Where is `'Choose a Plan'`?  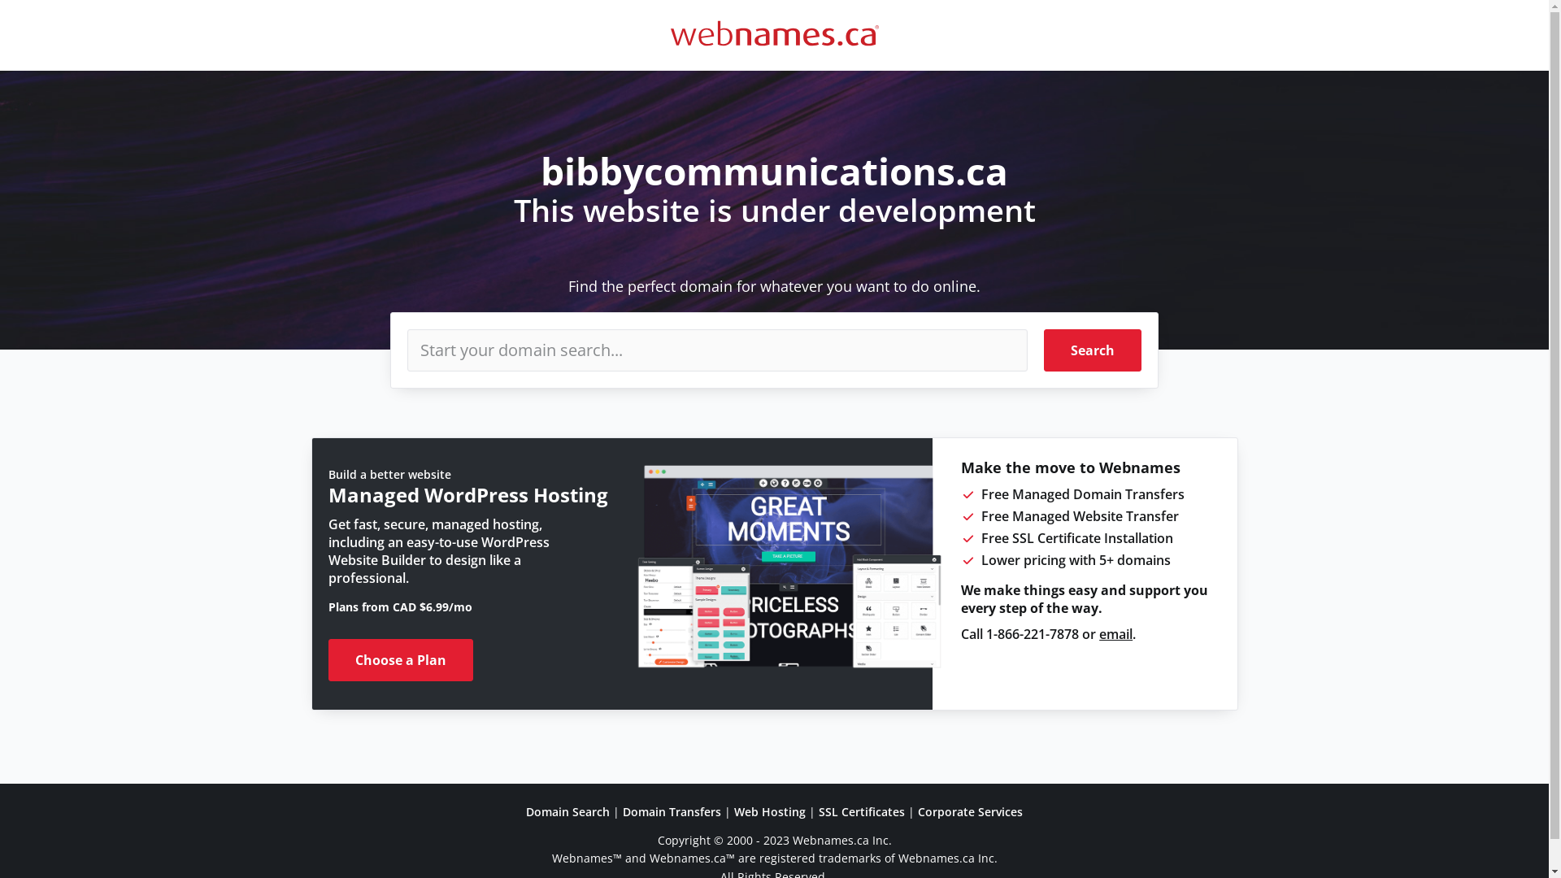 'Choose a Plan' is located at coordinates (327, 660).